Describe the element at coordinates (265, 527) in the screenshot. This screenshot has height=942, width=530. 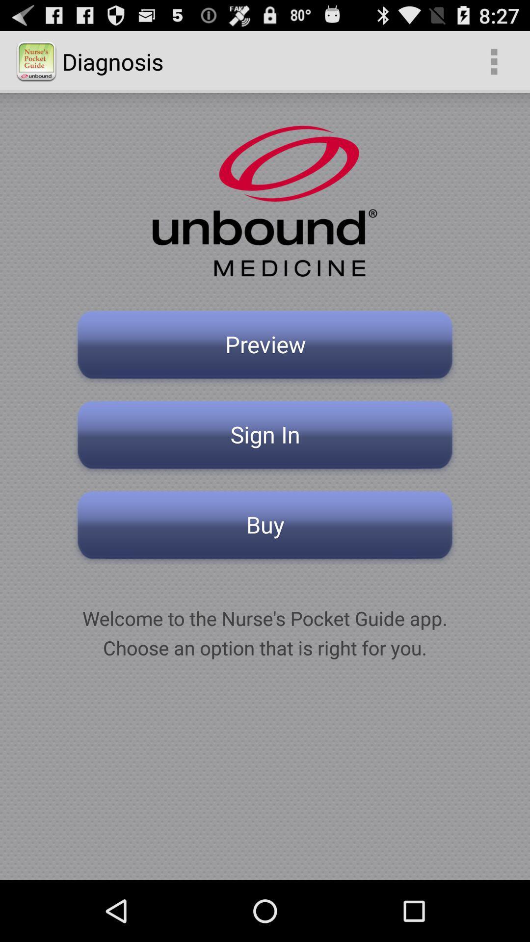
I see `button below sign in` at that location.